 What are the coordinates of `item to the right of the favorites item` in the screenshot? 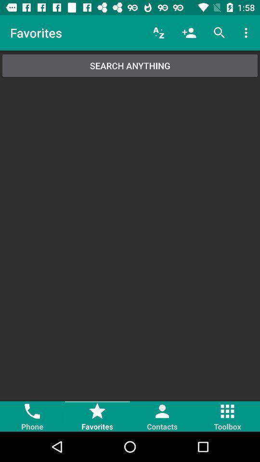 It's located at (158, 33).